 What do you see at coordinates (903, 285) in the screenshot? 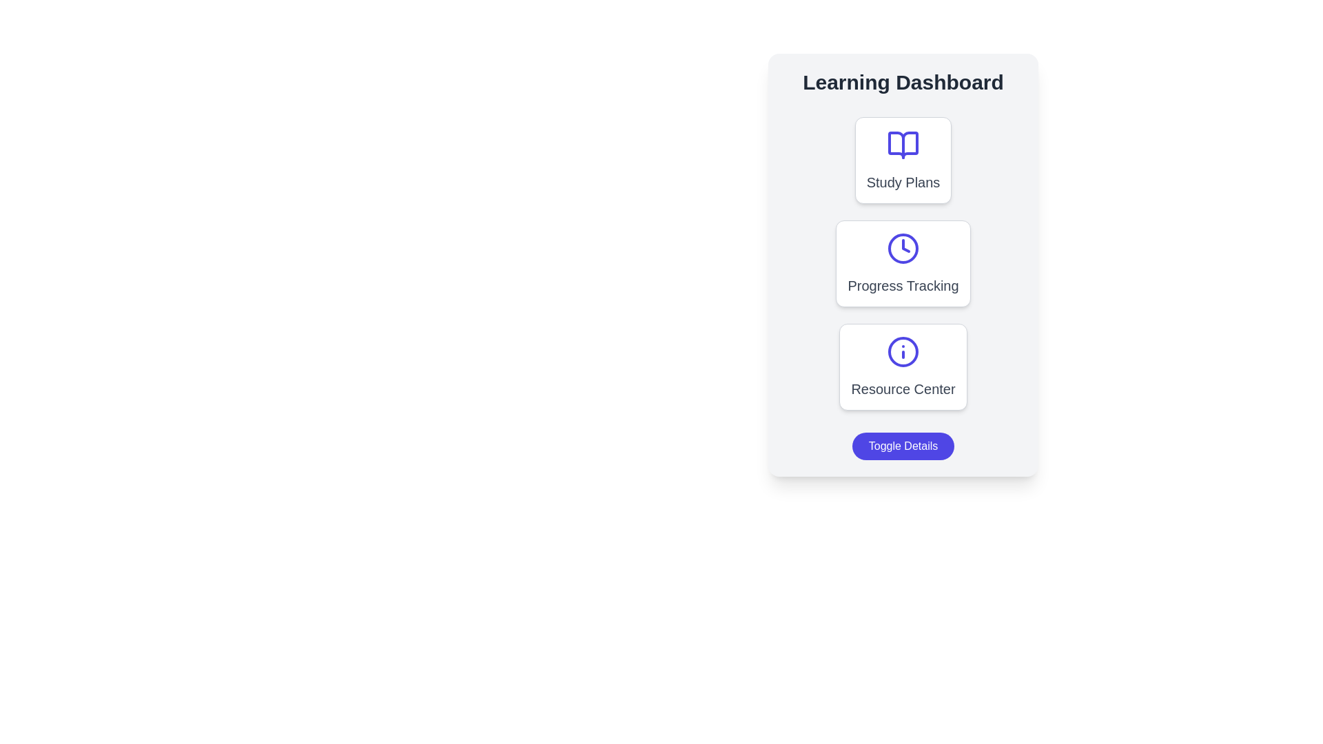
I see `the Text label that indicates tracking progress, located in the second card of the vertically stacked panel, which has a clock icon above it` at bounding box center [903, 285].